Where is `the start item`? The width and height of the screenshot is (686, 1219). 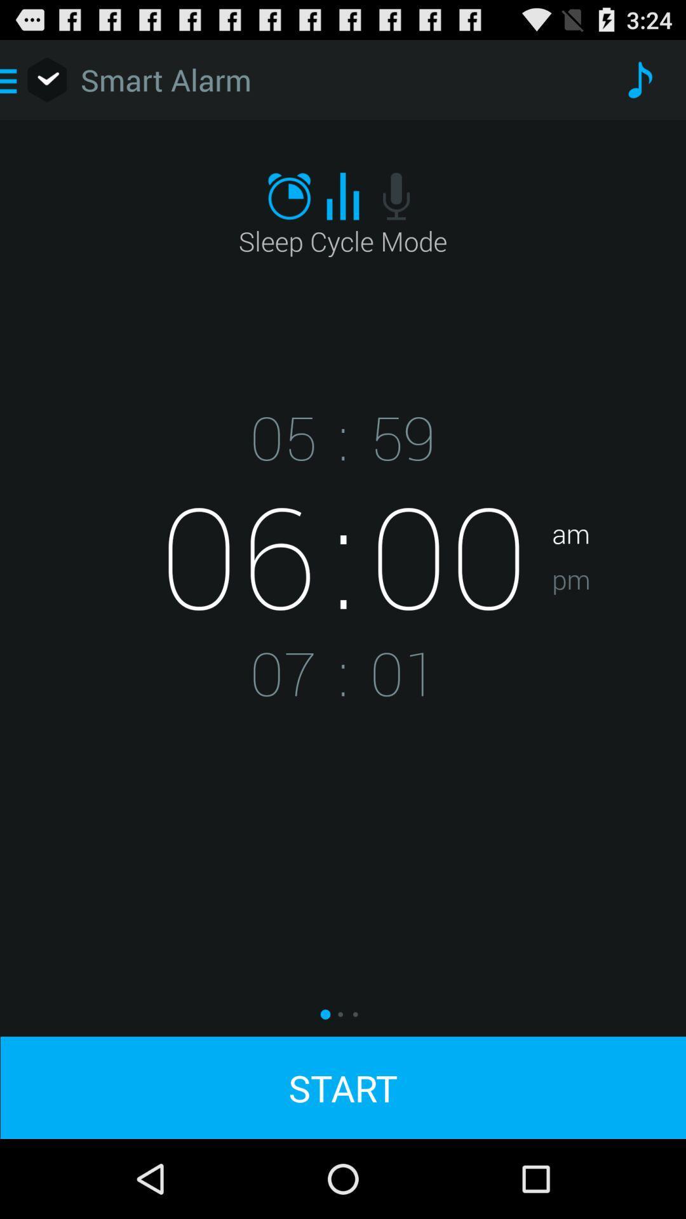
the start item is located at coordinates (343, 1087).